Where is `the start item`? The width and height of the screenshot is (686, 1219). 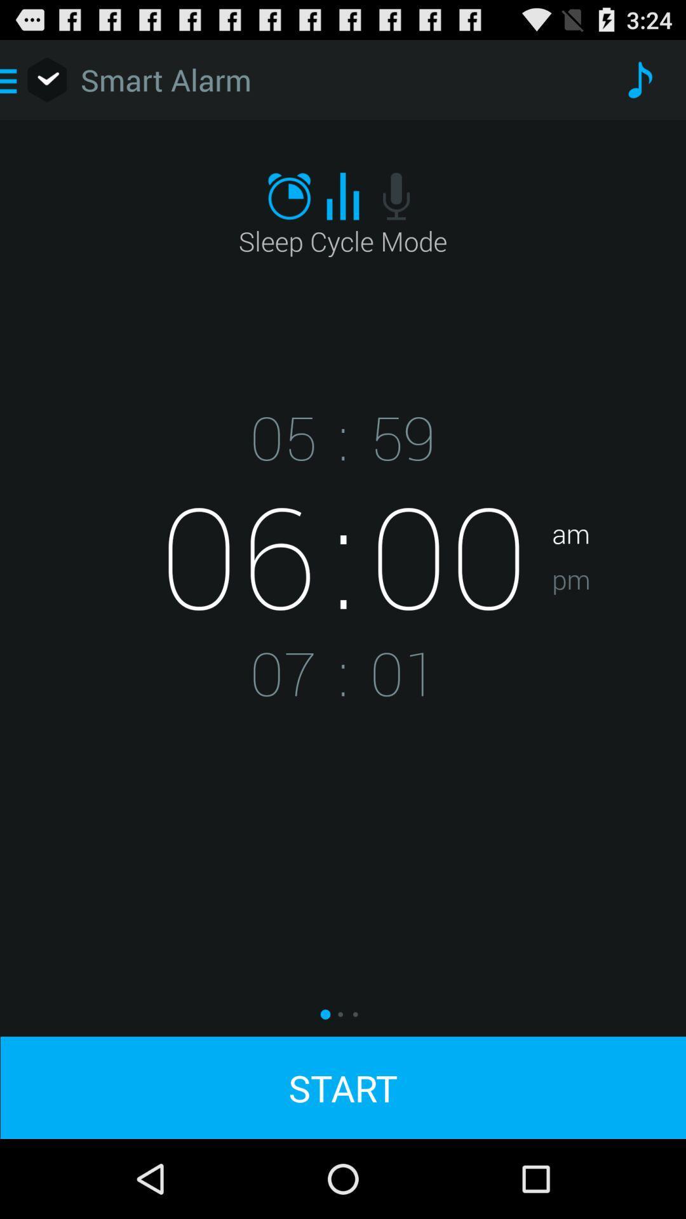
the start item is located at coordinates (343, 1087).